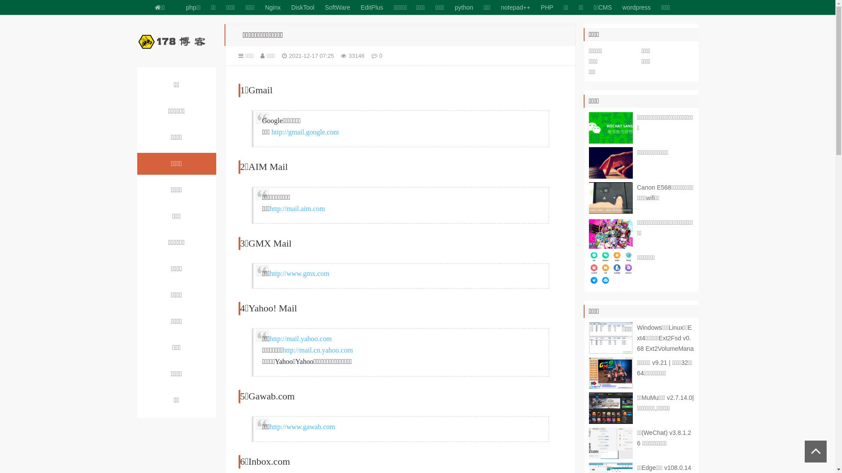  What do you see at coordinates (297, 208) in the screenshot?
I see `'http://mail.aim.com'` at bounding box center [297, 208].